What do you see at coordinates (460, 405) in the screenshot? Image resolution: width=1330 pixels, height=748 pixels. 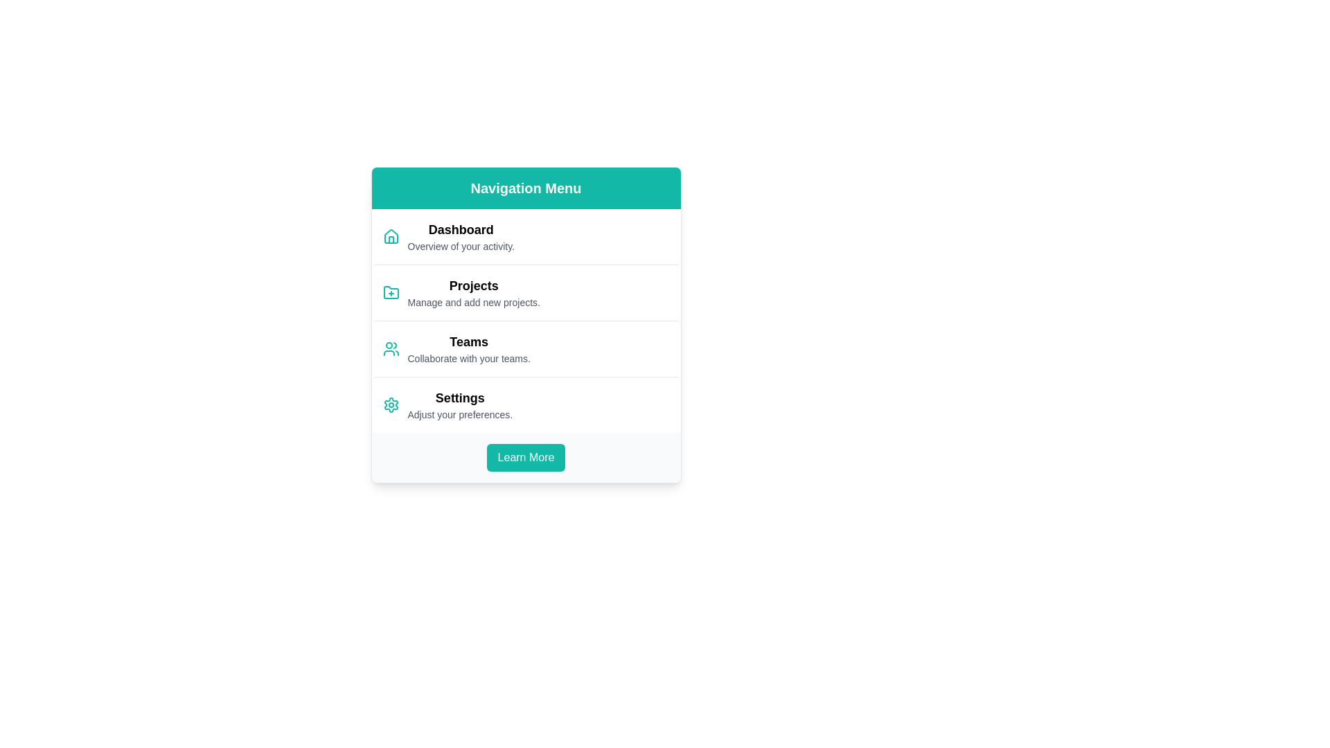 I see `the 'Settings' text block in the Navigation Menu` at bounding box center [460, 405].